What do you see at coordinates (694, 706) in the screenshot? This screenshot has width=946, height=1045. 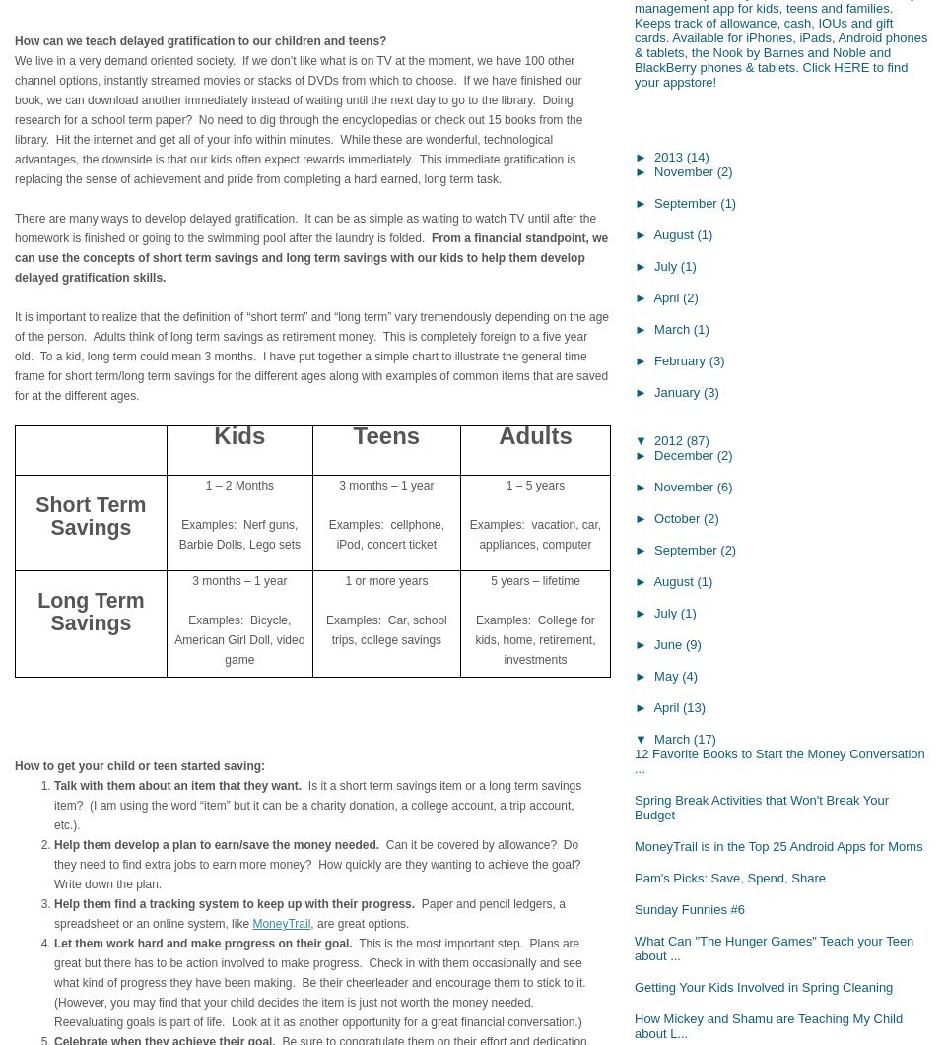 I see `'(13)'` at bounding box center [694, 706].